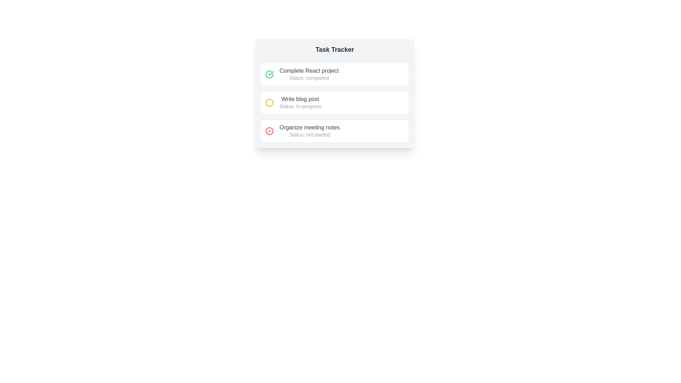  What do you see at coordinates (269, 102) in the screenshot?
I see `the Decorative icon, a small circular icon with a yellow outline and a transparent center, located to the left of the 'Write blog post' text in the Task Tracker` at bounding box center [269, 102].